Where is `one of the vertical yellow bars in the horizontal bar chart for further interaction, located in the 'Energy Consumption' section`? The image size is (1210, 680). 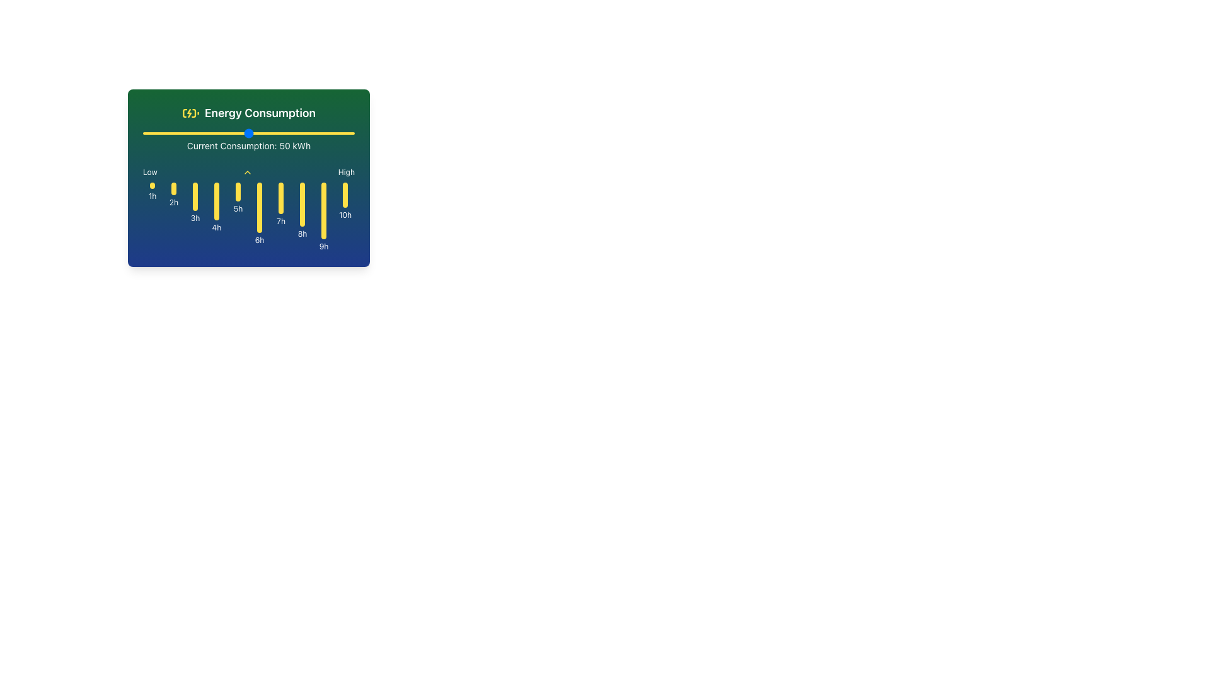 one of the vertical yellow bars in the horizontal bar chart for further interaction, located in the 'Energy Consumption' section is located at coordinates (248, 216).